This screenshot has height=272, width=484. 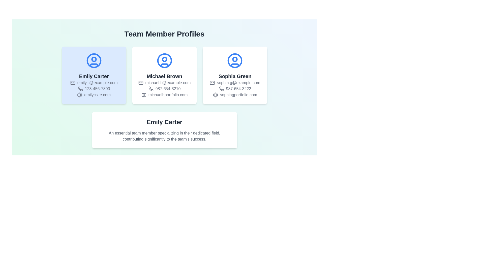 What do you see at coordinates (164, 76) in the screenshot?
I see `the text label displaying 'Michael Brown' in bold, dark gray styling, which is centered within the second card from the left in a horizontal set of three cards, positioned directly below a person's avatar icon` at bounding box center [164, 76].